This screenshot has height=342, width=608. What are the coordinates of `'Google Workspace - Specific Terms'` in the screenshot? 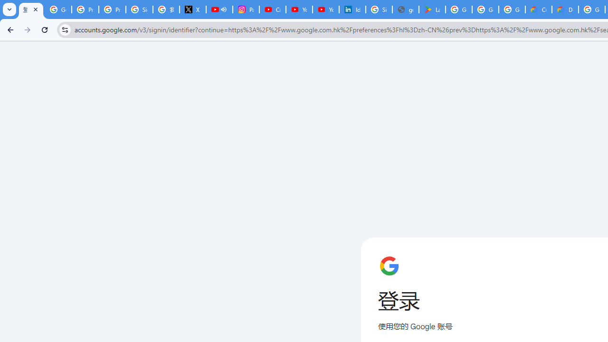 It's located at (485, 9).